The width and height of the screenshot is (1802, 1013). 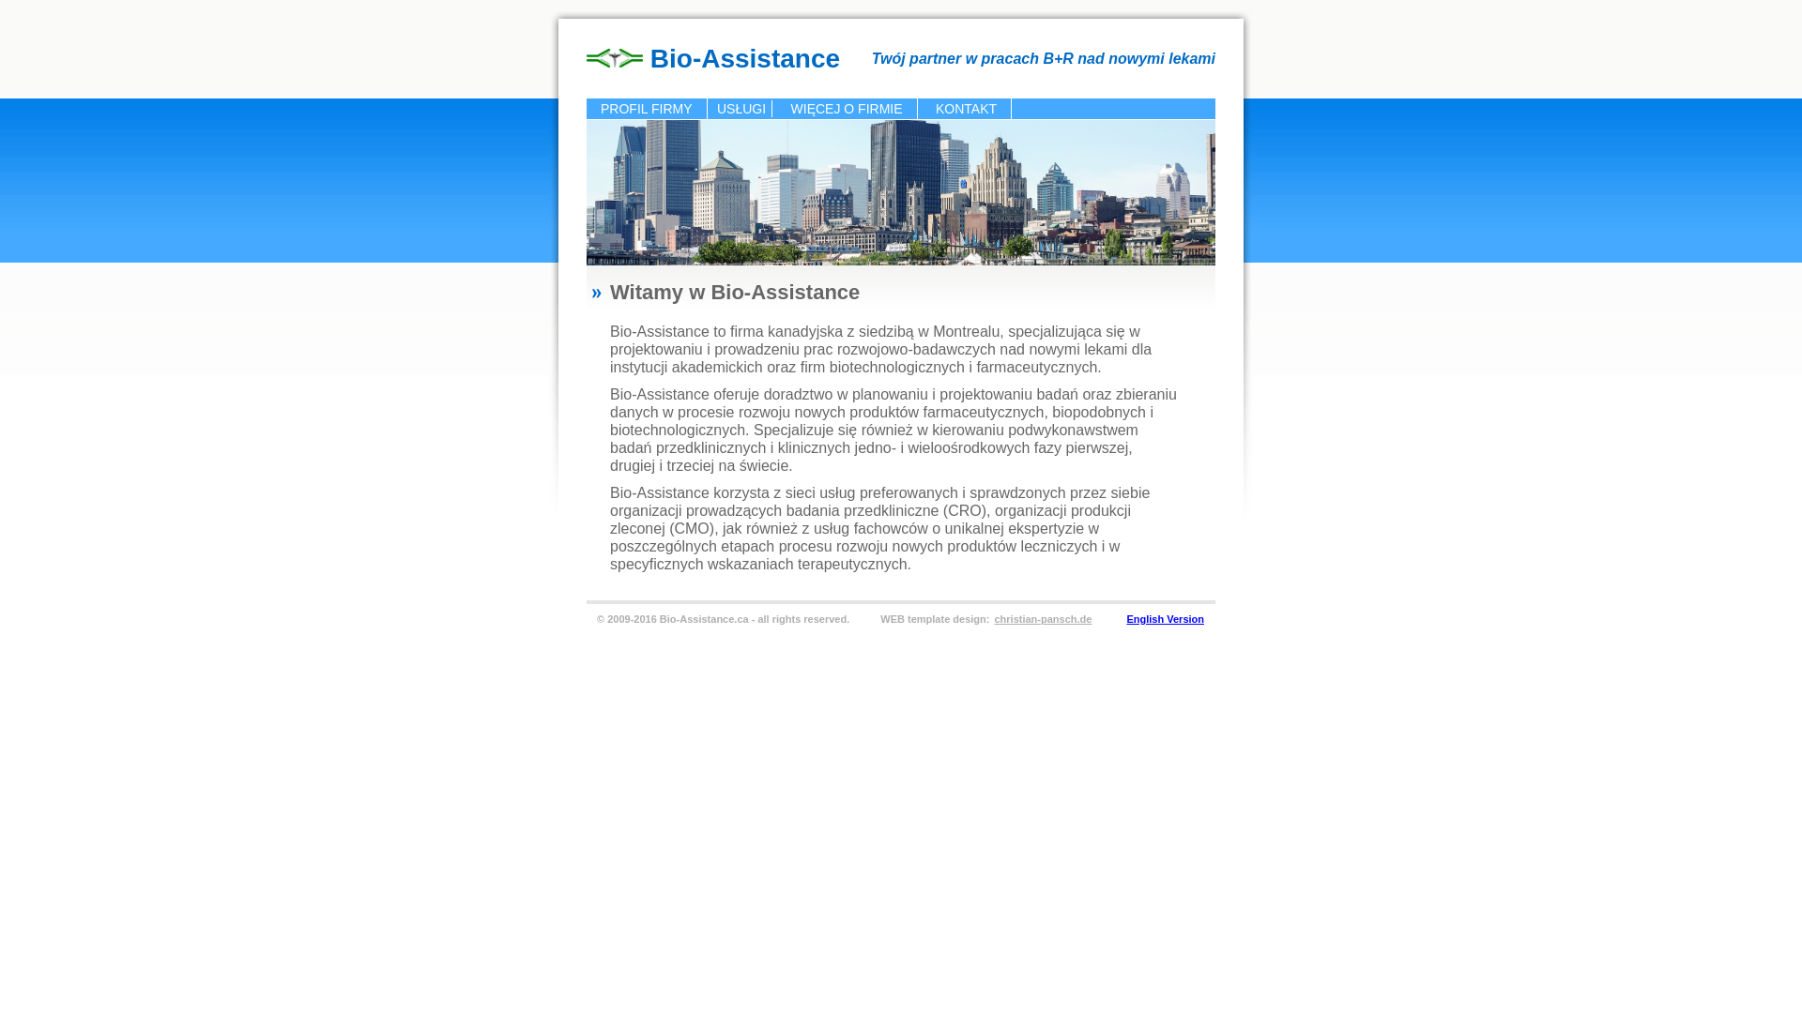 What do you see at coordinates (1164, 618) in the screenshot?
I see `'English Version'` at bounding box center [1164, 618].